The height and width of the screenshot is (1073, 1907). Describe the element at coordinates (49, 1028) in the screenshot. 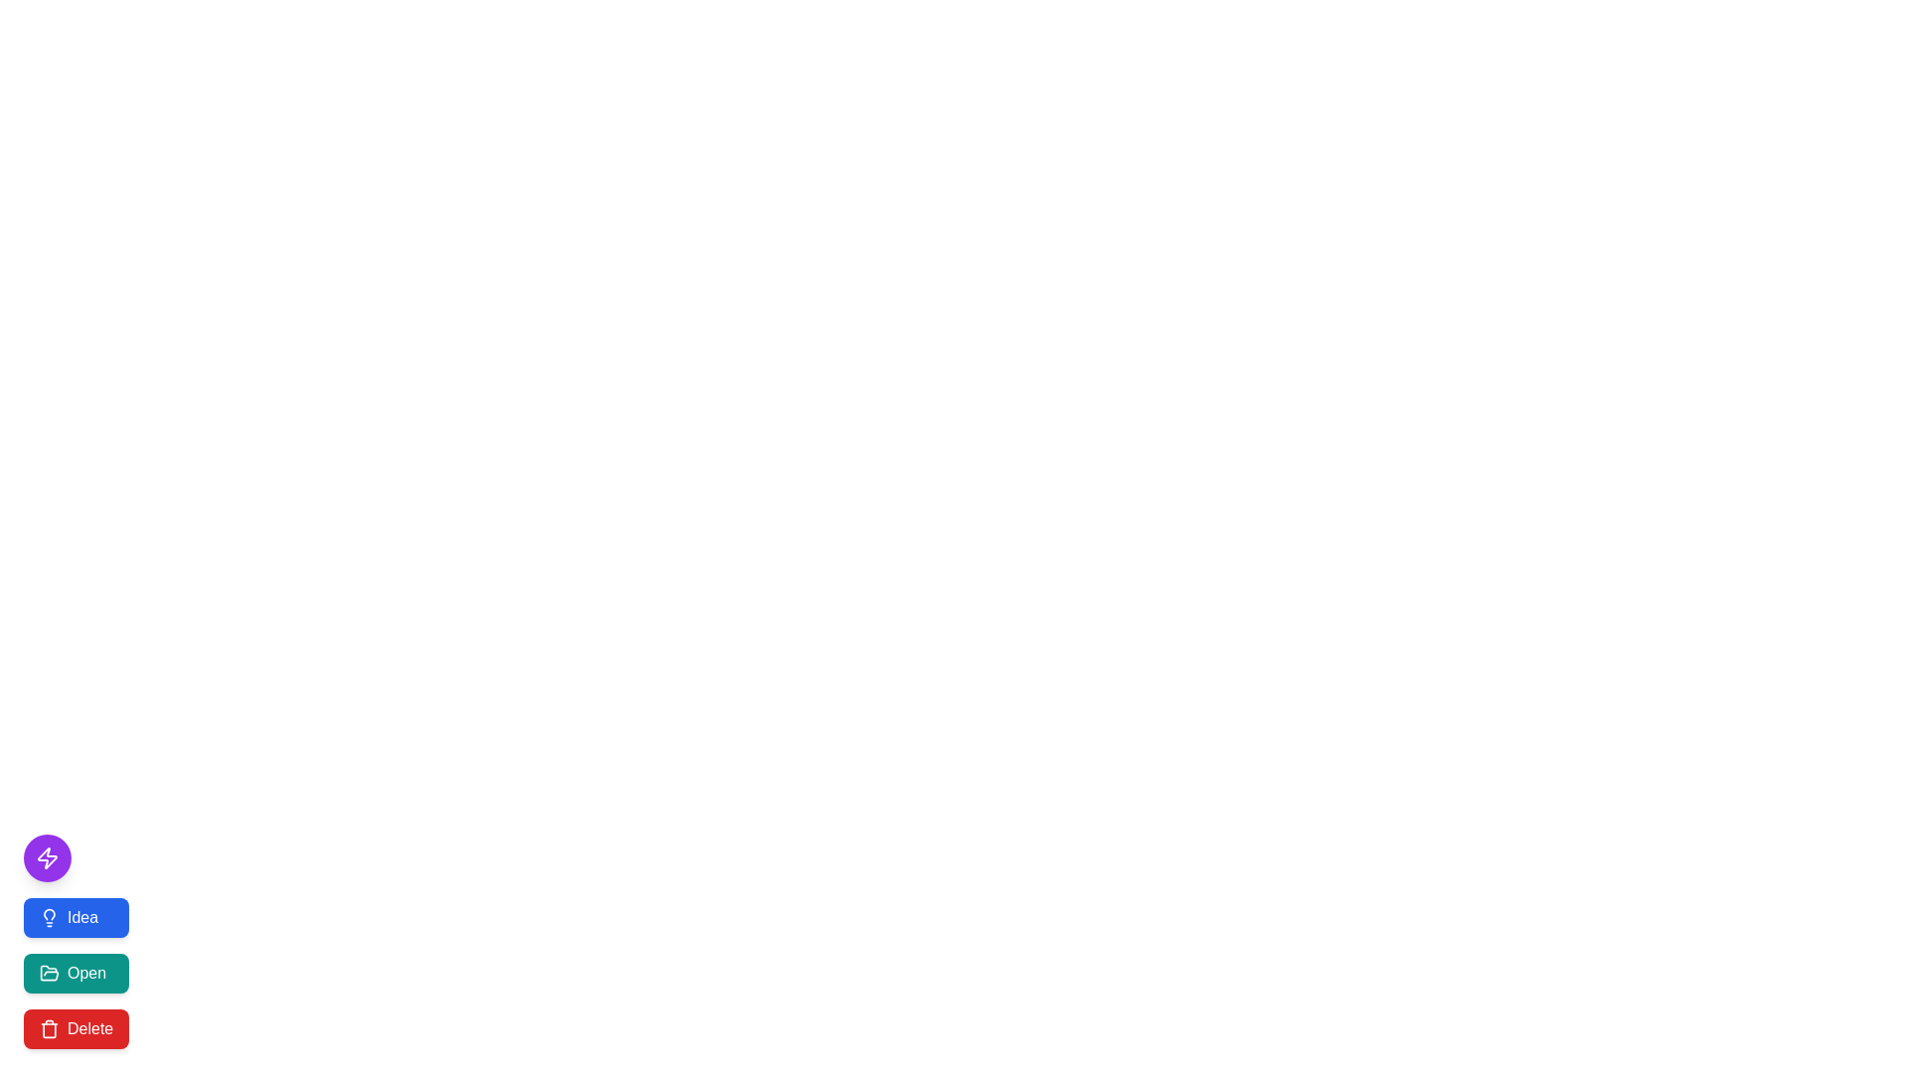

I see `the trash can-shaped delete icon` at that location.